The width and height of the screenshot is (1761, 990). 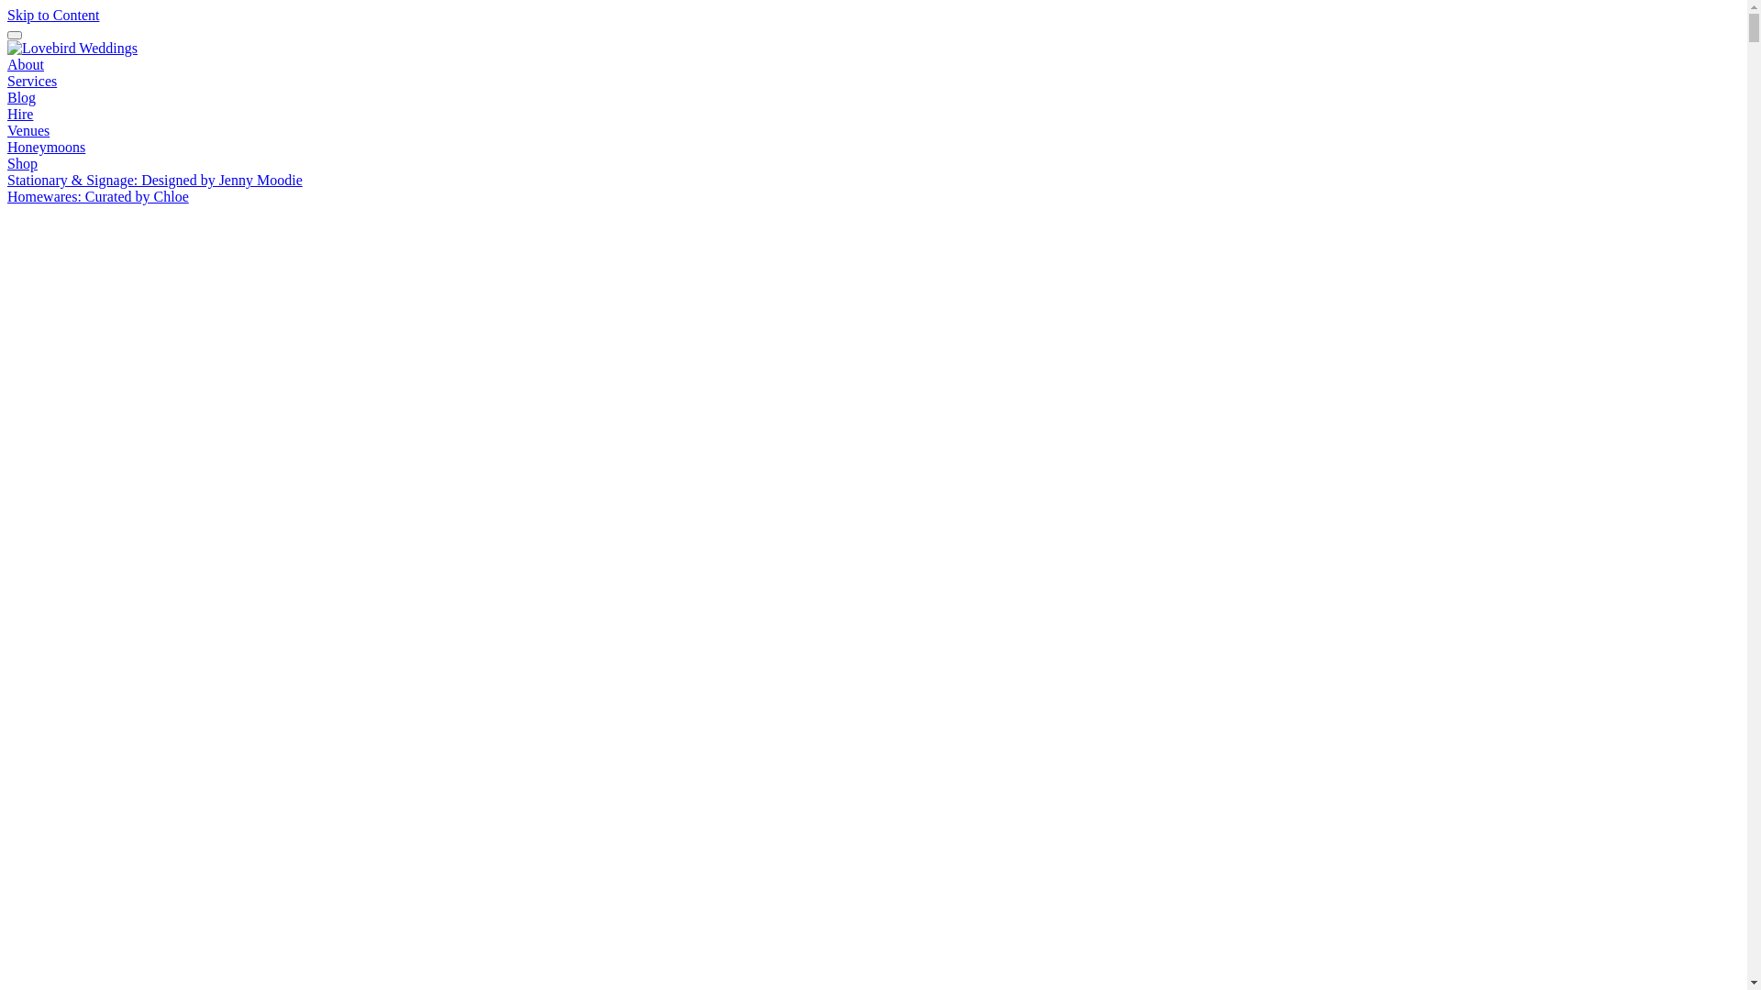 What do you see at coordinates (96, 196) in the screenshot?
I see `'Homewares: Curated by Chloe'` at bounding box center [96, 196].